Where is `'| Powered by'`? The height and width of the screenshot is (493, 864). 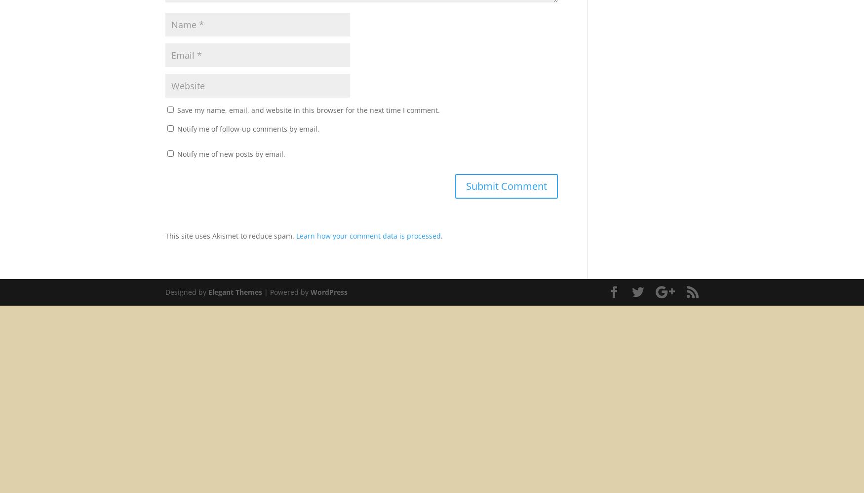 '| Powered by' is located at coordinates (286, 291).